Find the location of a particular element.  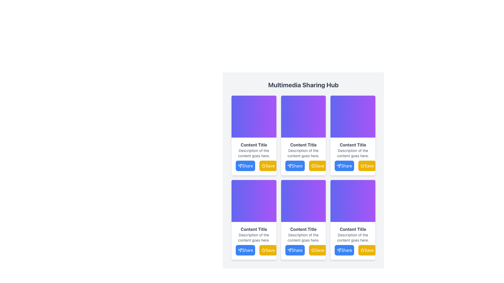

the yellow star-shaped icon associated with the 'Save' operation, located in the 'Save' button section below the second content card in the grid layout is located at coordinates (263, 250).